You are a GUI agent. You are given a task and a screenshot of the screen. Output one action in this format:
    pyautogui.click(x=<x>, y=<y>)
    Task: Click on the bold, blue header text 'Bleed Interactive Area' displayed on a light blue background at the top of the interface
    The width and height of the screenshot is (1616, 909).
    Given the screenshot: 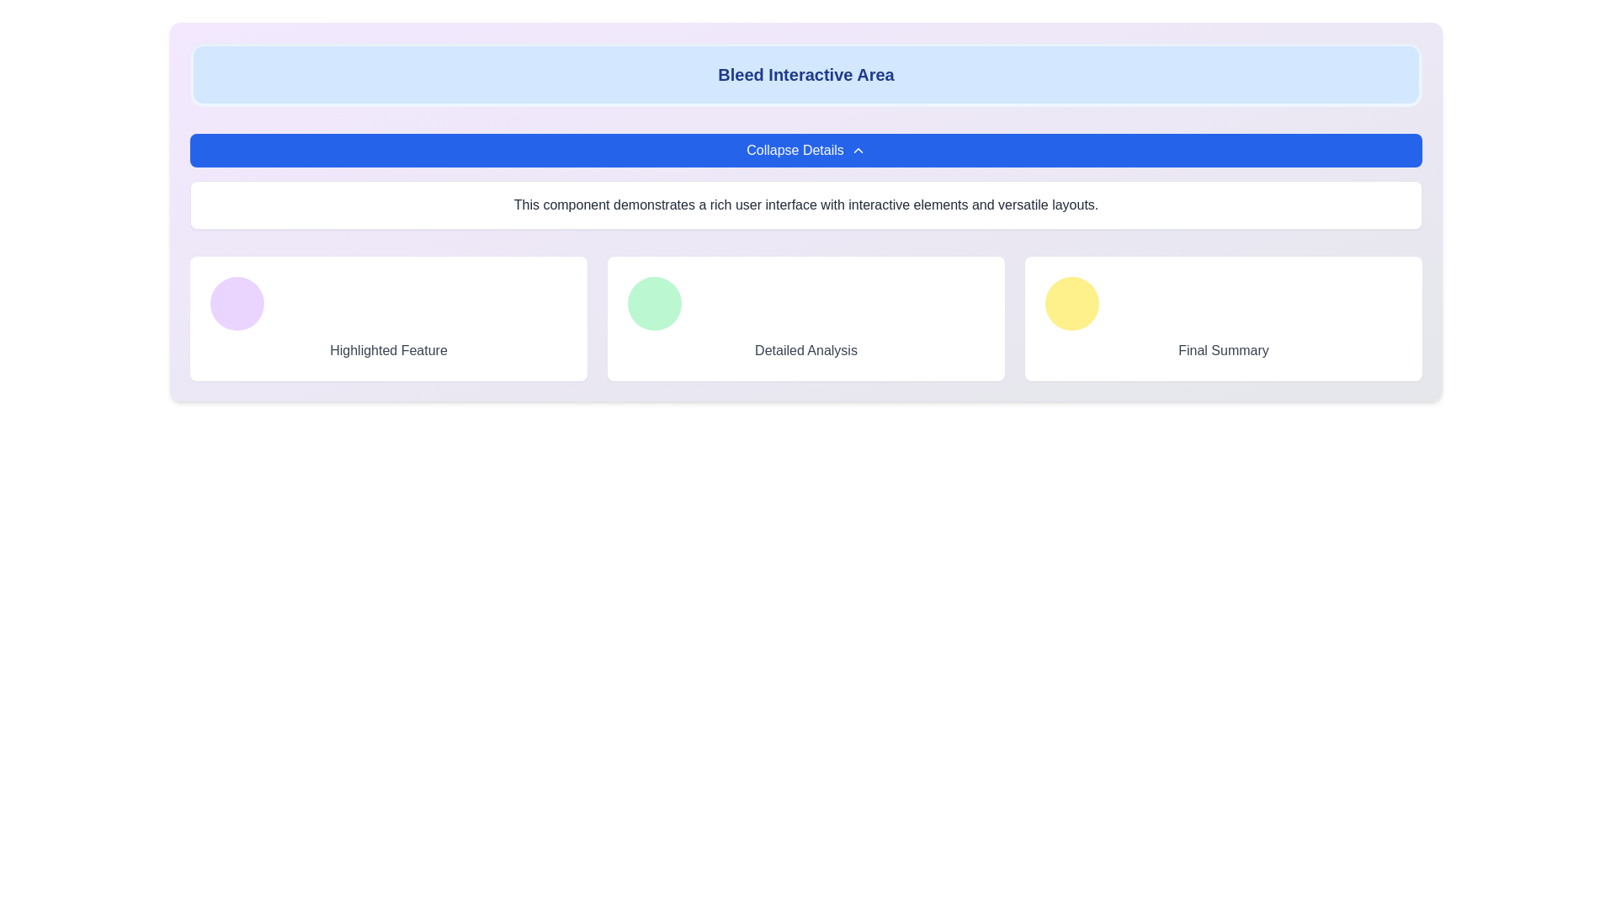 What is the action you would take?
    pyautogui.click(x=805, y=73)
    